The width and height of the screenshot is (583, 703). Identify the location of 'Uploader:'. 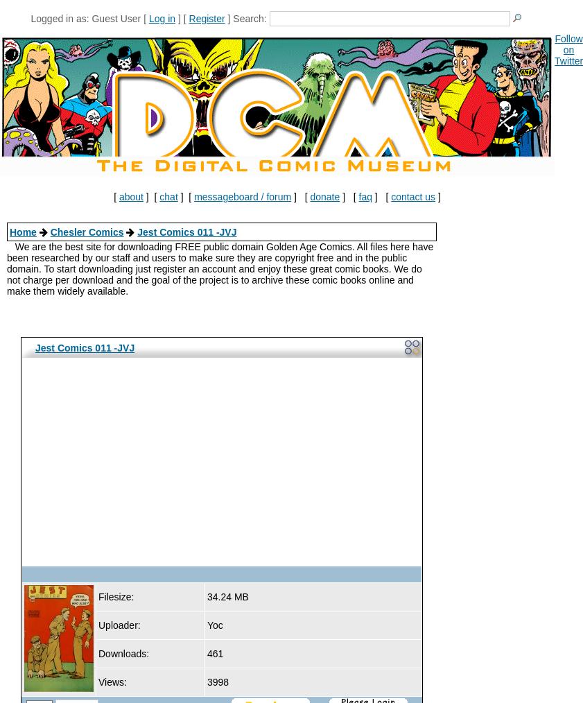
(118, 624).